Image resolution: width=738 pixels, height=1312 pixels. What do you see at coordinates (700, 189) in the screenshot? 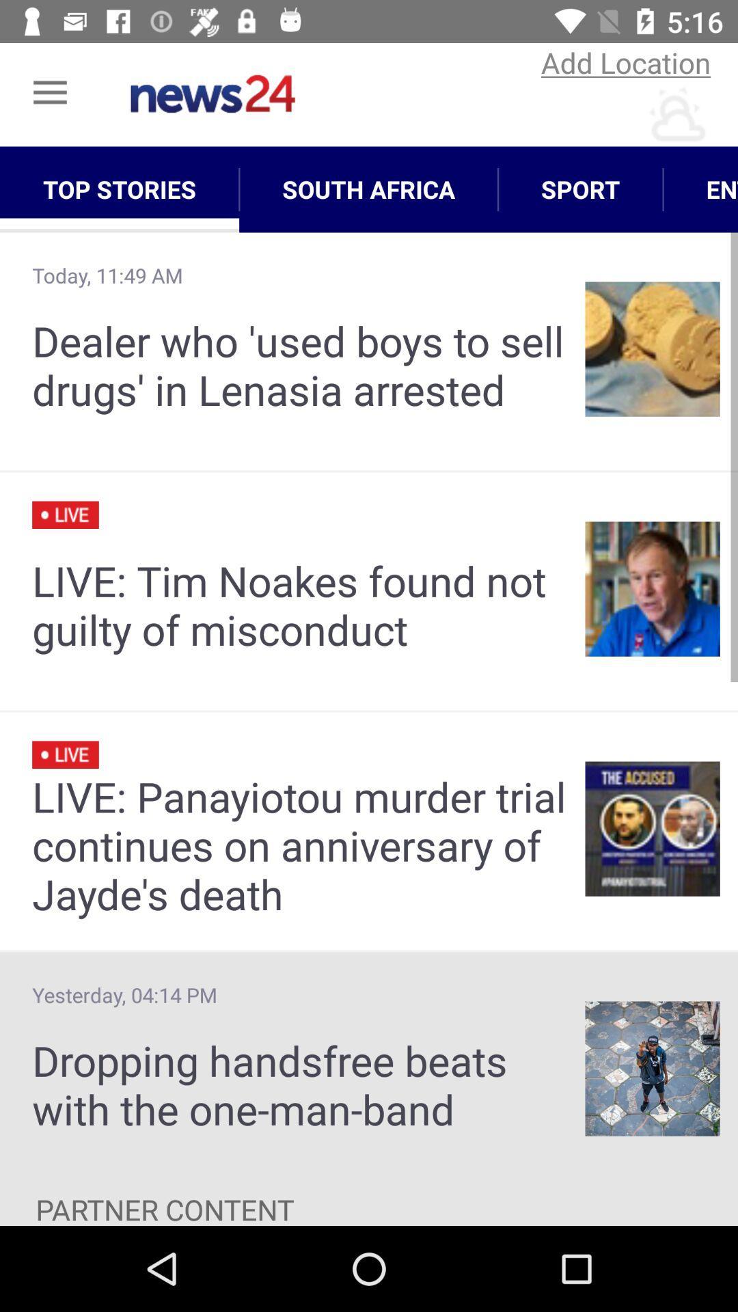
I see `the entertainment app` at bounding box center [700, 189].